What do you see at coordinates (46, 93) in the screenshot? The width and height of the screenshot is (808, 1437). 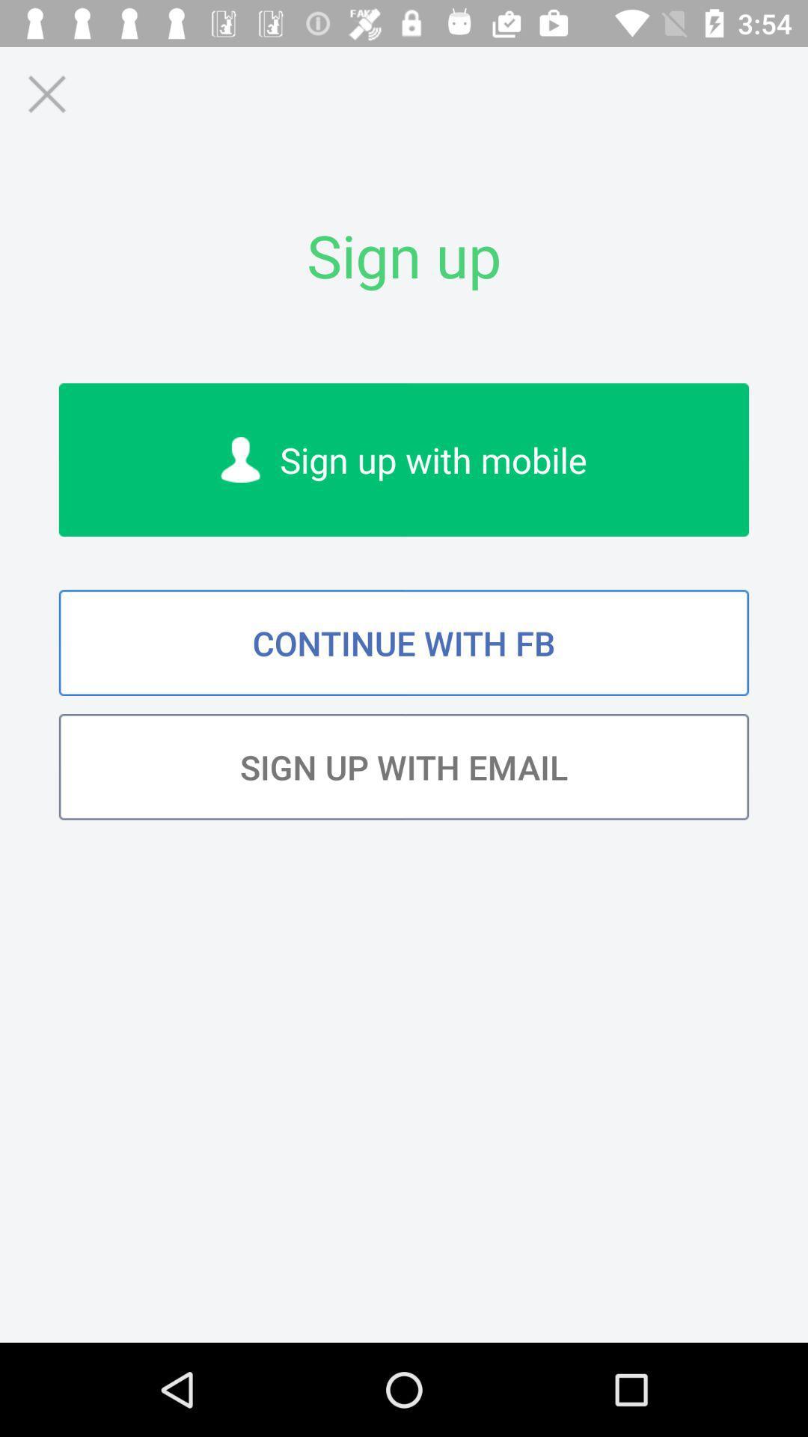 I see `sign-up screen` at bounding box center [46, 93].